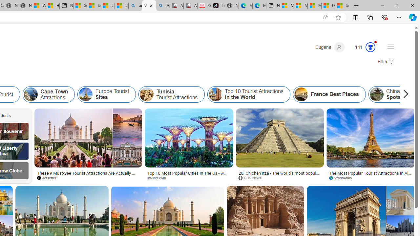 The height and width of the screenshot is (236, 420). What do you see at coordinates (376, 94) in the screenshot?
I see `'China Tourist Spots'` at bounding box center [376, 94].